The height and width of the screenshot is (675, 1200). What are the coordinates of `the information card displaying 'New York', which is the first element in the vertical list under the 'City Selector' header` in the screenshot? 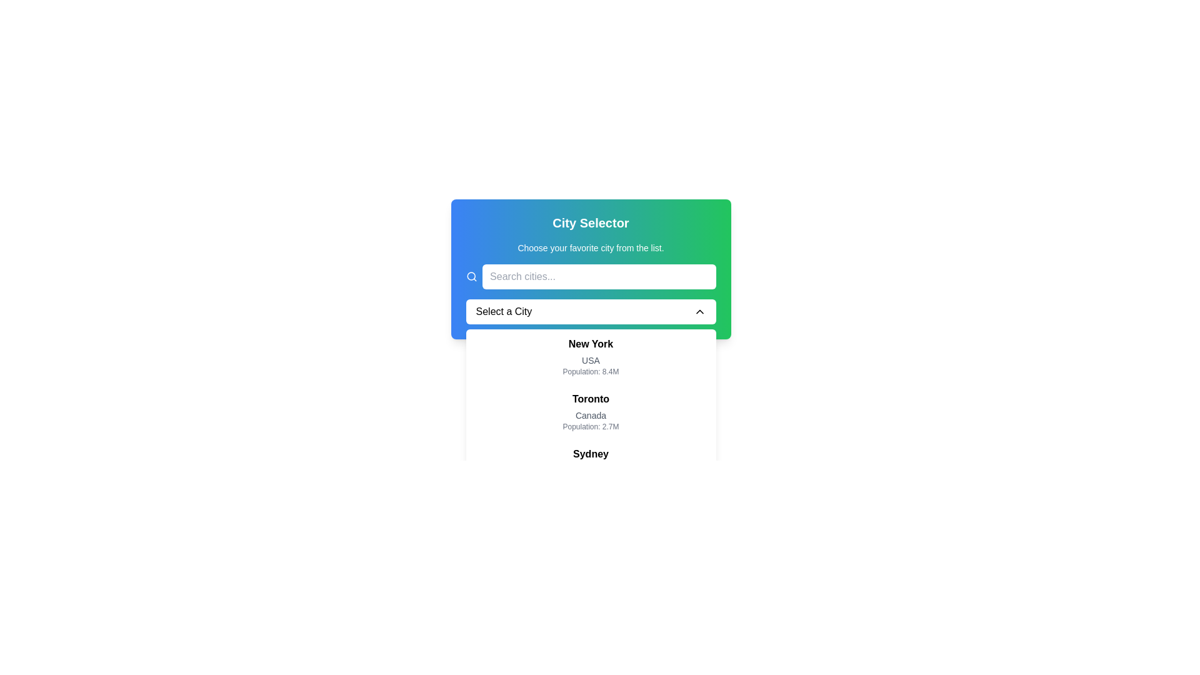 It's located at (590, 356).